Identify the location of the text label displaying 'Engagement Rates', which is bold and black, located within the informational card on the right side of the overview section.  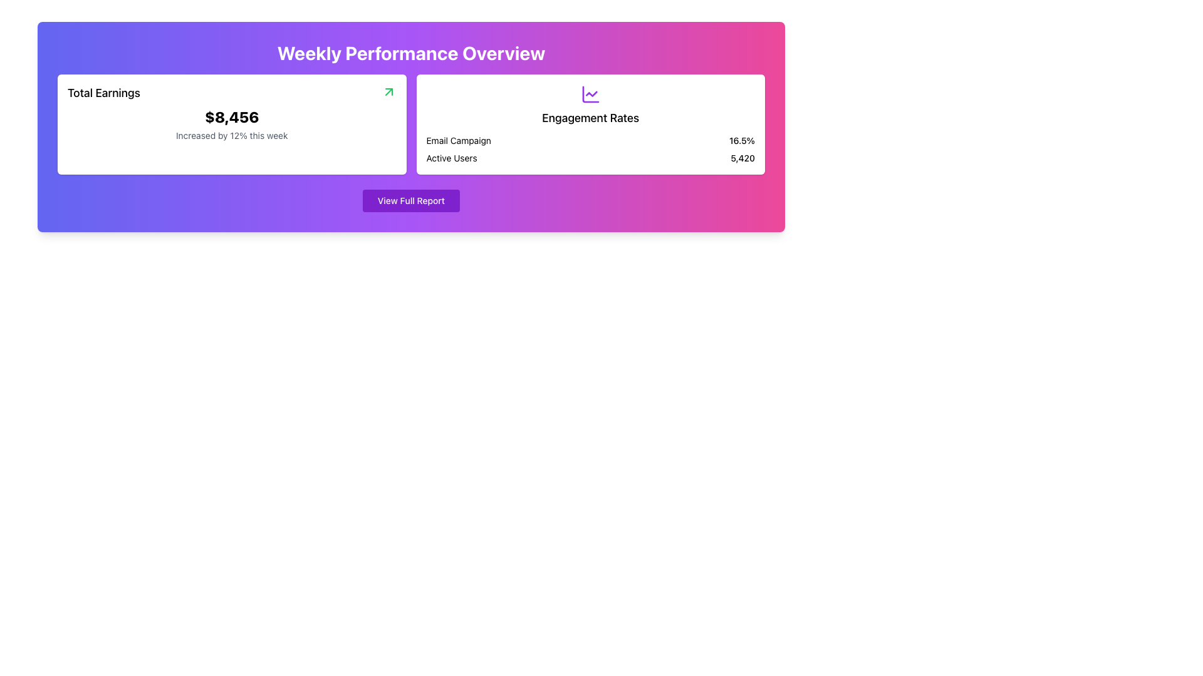
(590, 118).